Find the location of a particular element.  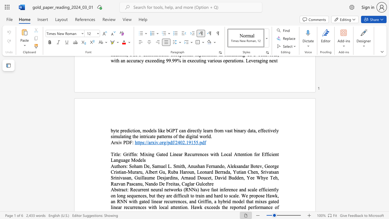

the subset text "s of th" within the text "byte prediction, models like bGPT can directly learn from vast binary data, effectively simulating the intricate patterns of the digital world." is located at coordinates (170, 136).